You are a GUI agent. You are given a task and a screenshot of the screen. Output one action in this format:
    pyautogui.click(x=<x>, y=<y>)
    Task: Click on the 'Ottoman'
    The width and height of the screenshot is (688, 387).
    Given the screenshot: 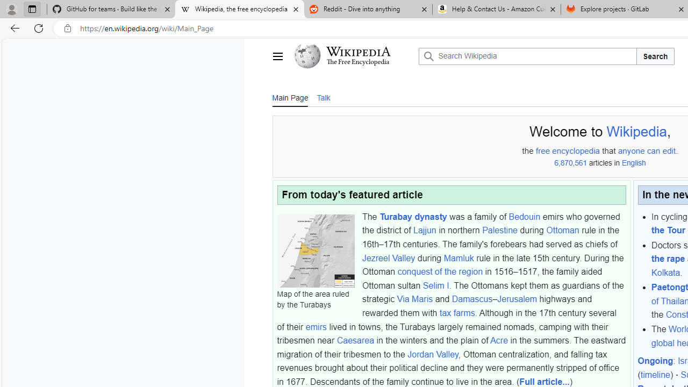 What is the action you would take?
    pyautogui.click(x=562, y=230)
    